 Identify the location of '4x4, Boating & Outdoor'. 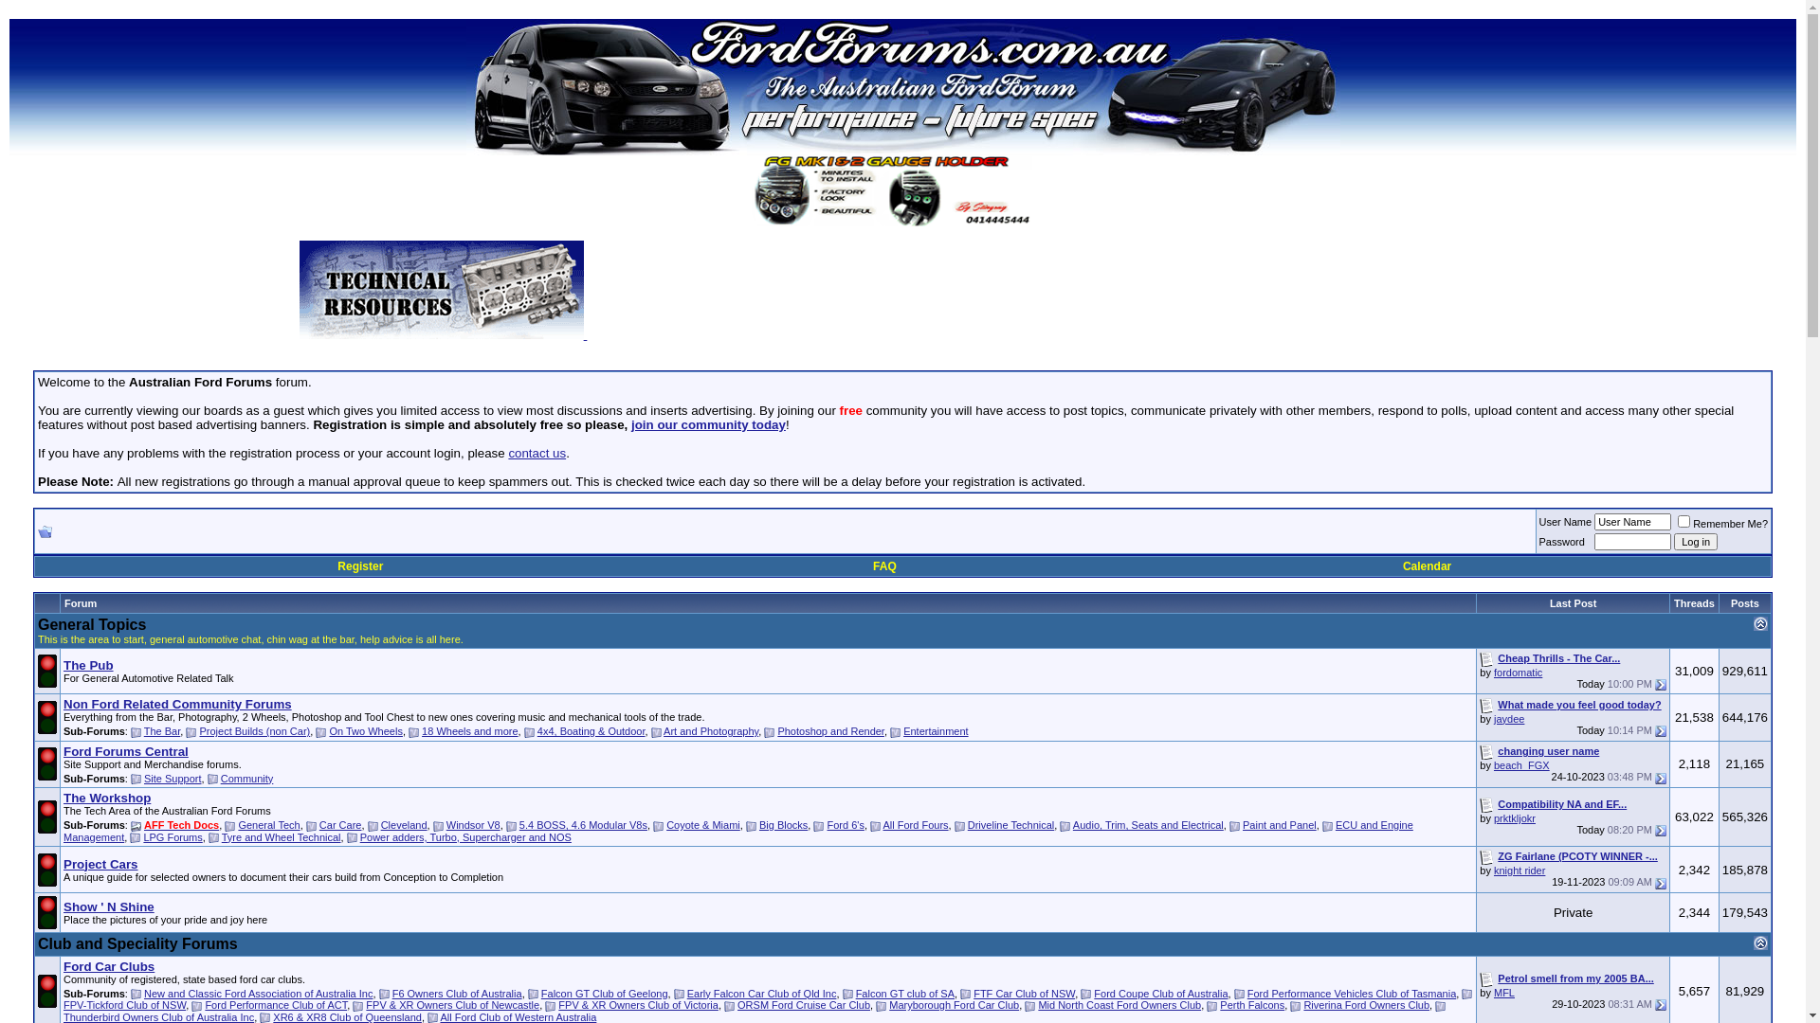
(591, 729).